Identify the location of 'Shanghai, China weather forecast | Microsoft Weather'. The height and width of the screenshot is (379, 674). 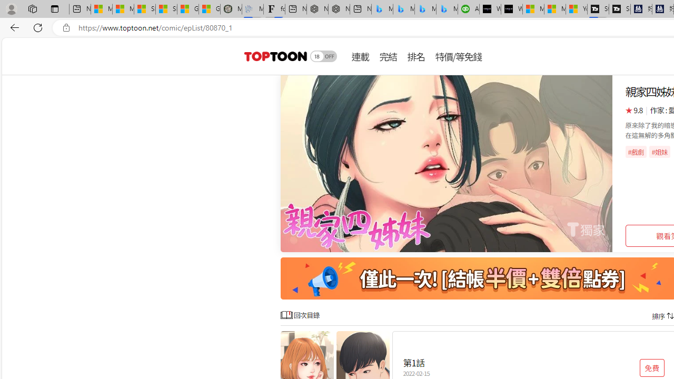
(166, 9).